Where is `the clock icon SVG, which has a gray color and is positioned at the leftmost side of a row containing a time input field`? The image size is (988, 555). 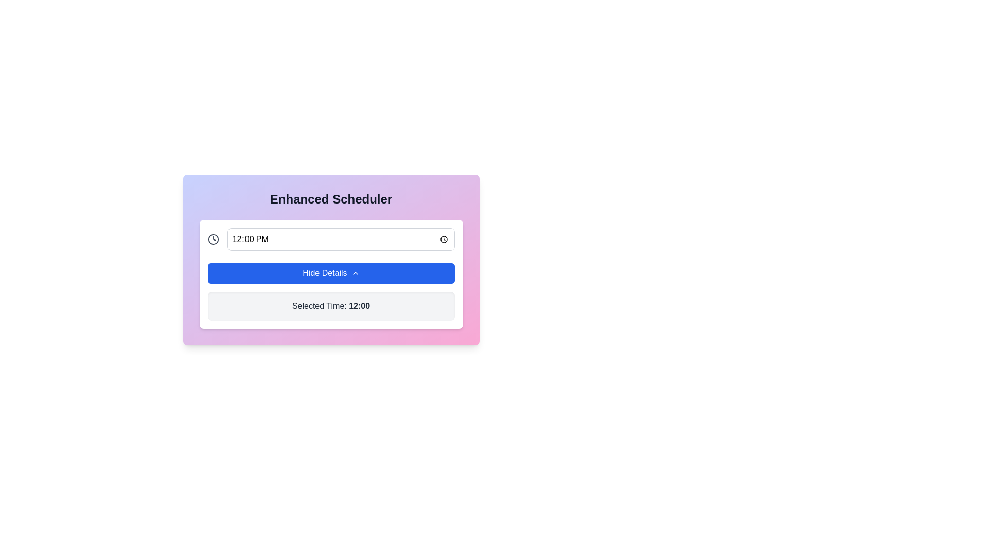 the clock icon SVG, which has a gray color and is positioned at the leftmost side of a row containing a time input field is located at coordinates (213, 239).